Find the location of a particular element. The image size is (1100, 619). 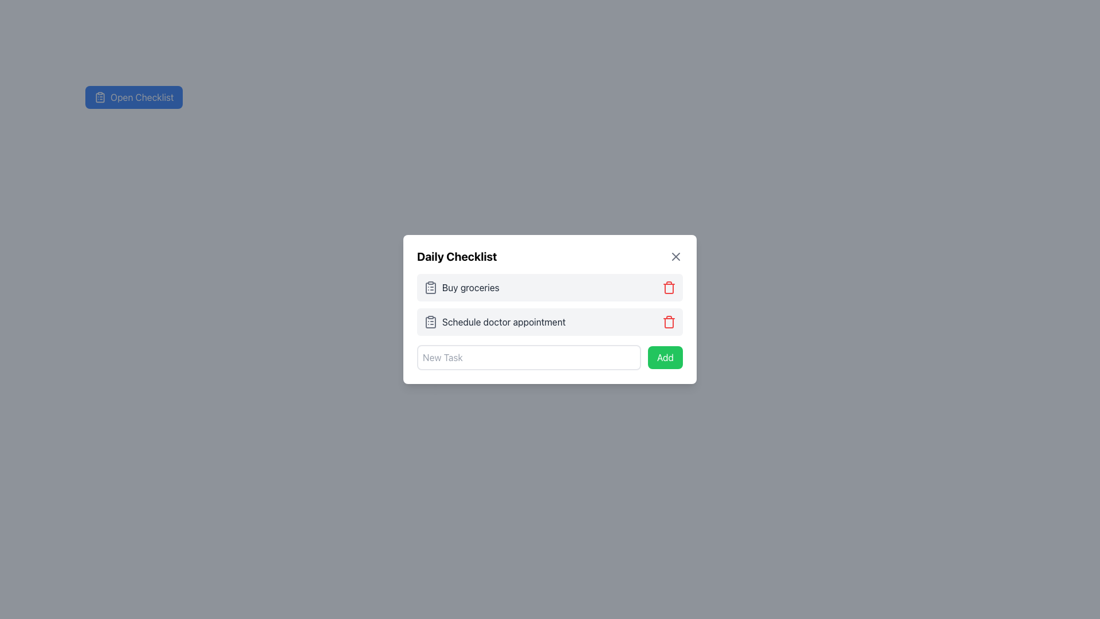

the delete button for the 'Buy groceries' task located in the right section of the checklist row is located at coordinates (669, 287).